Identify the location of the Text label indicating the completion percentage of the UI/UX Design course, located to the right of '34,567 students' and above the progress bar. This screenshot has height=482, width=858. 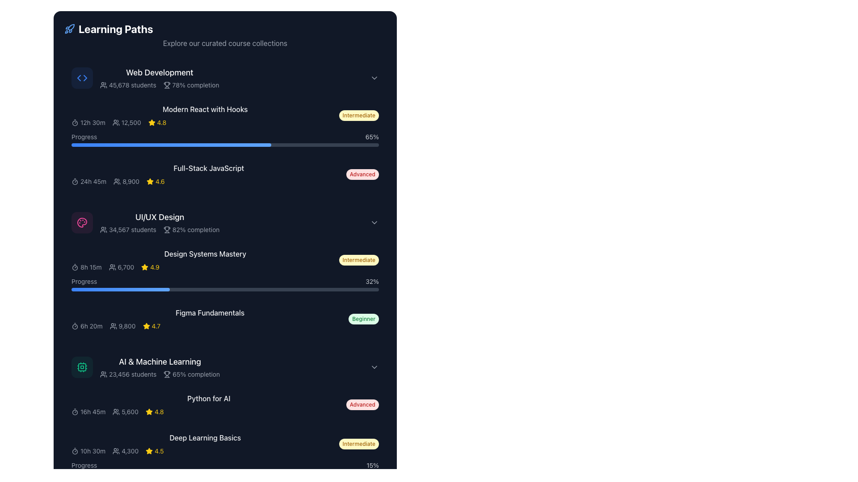
(191, 229).